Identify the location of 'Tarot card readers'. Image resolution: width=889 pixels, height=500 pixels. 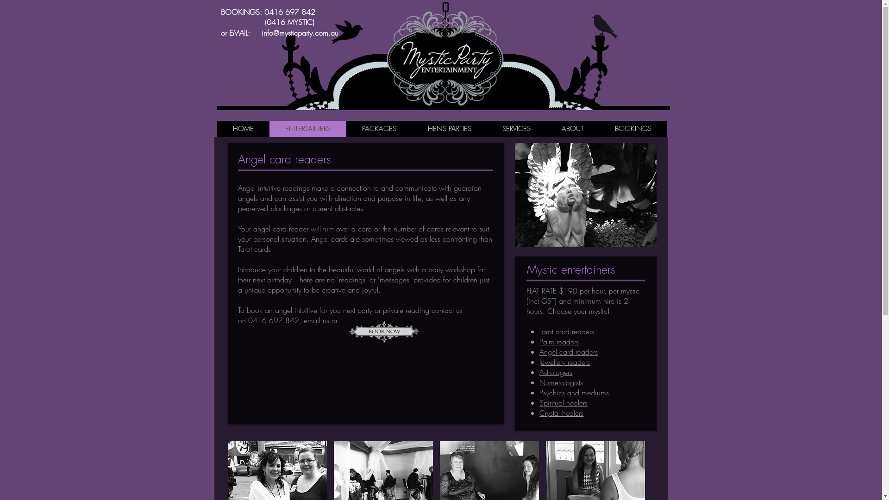
(566, 331).